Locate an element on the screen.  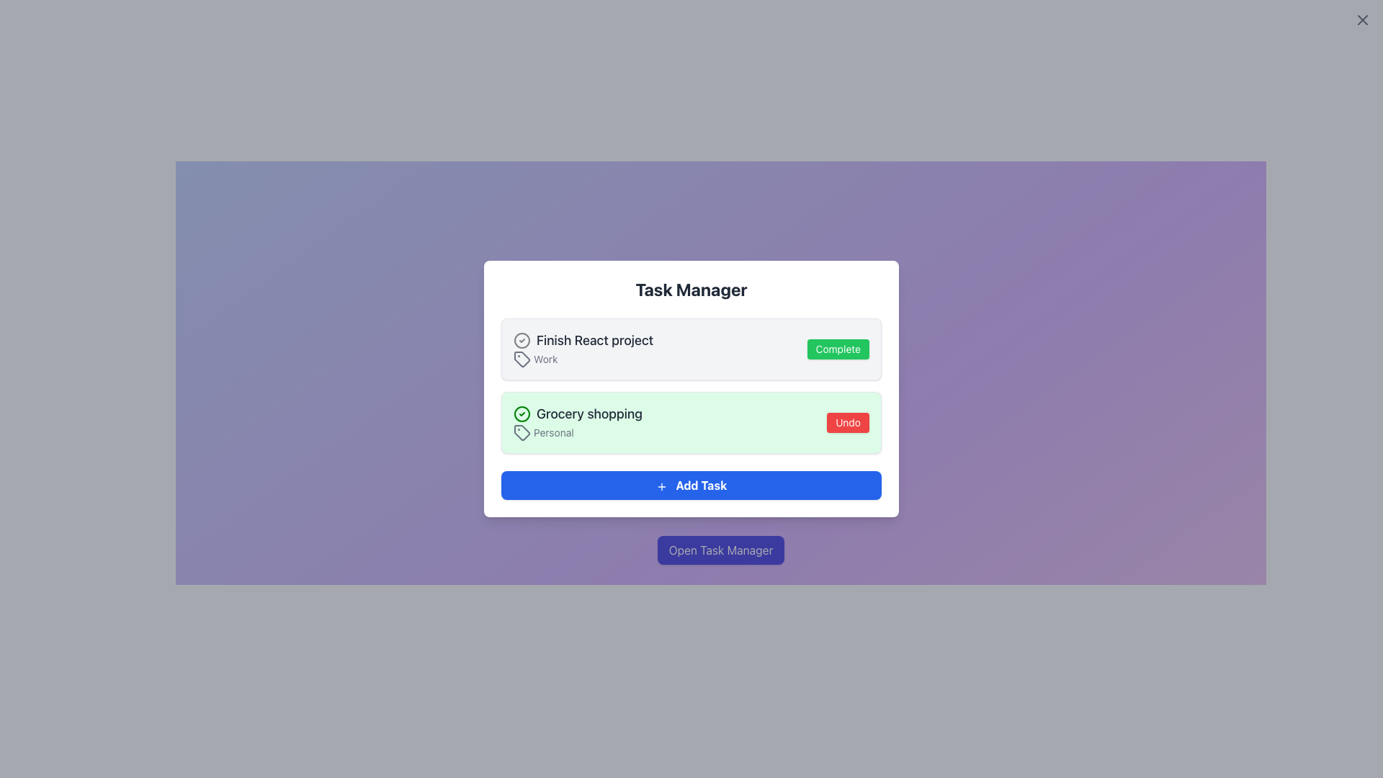
the addition icon inside the blue 'Add Task' button located near the center-bottom of the interface is located at coordinates (661, 486).